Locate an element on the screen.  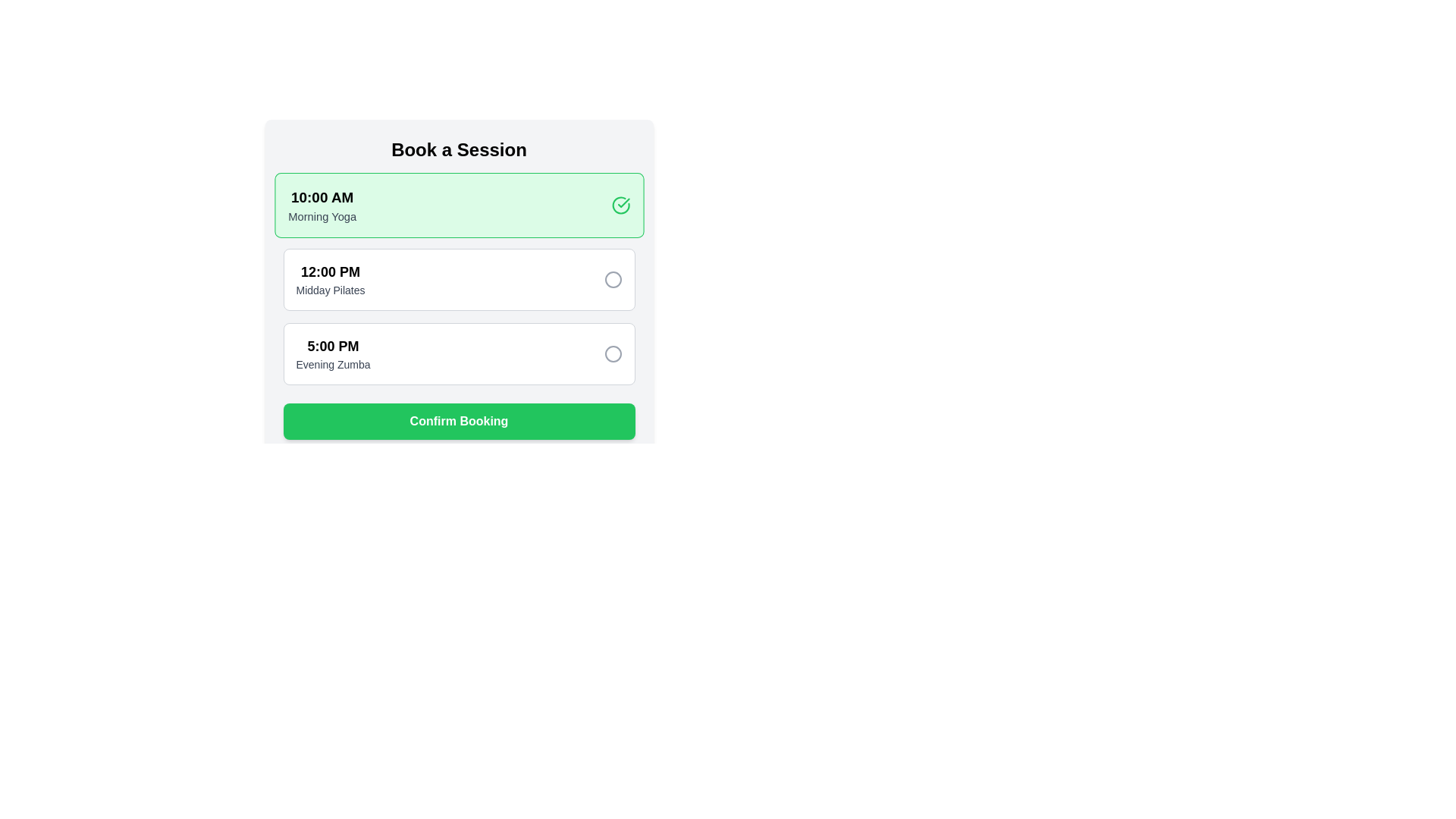
the green circular icon with a check mark inside it, located at the top-right of the '10:00 AM Morning Yoga' session card for visual feedback indicating selection is located at coordinates (620, 205).